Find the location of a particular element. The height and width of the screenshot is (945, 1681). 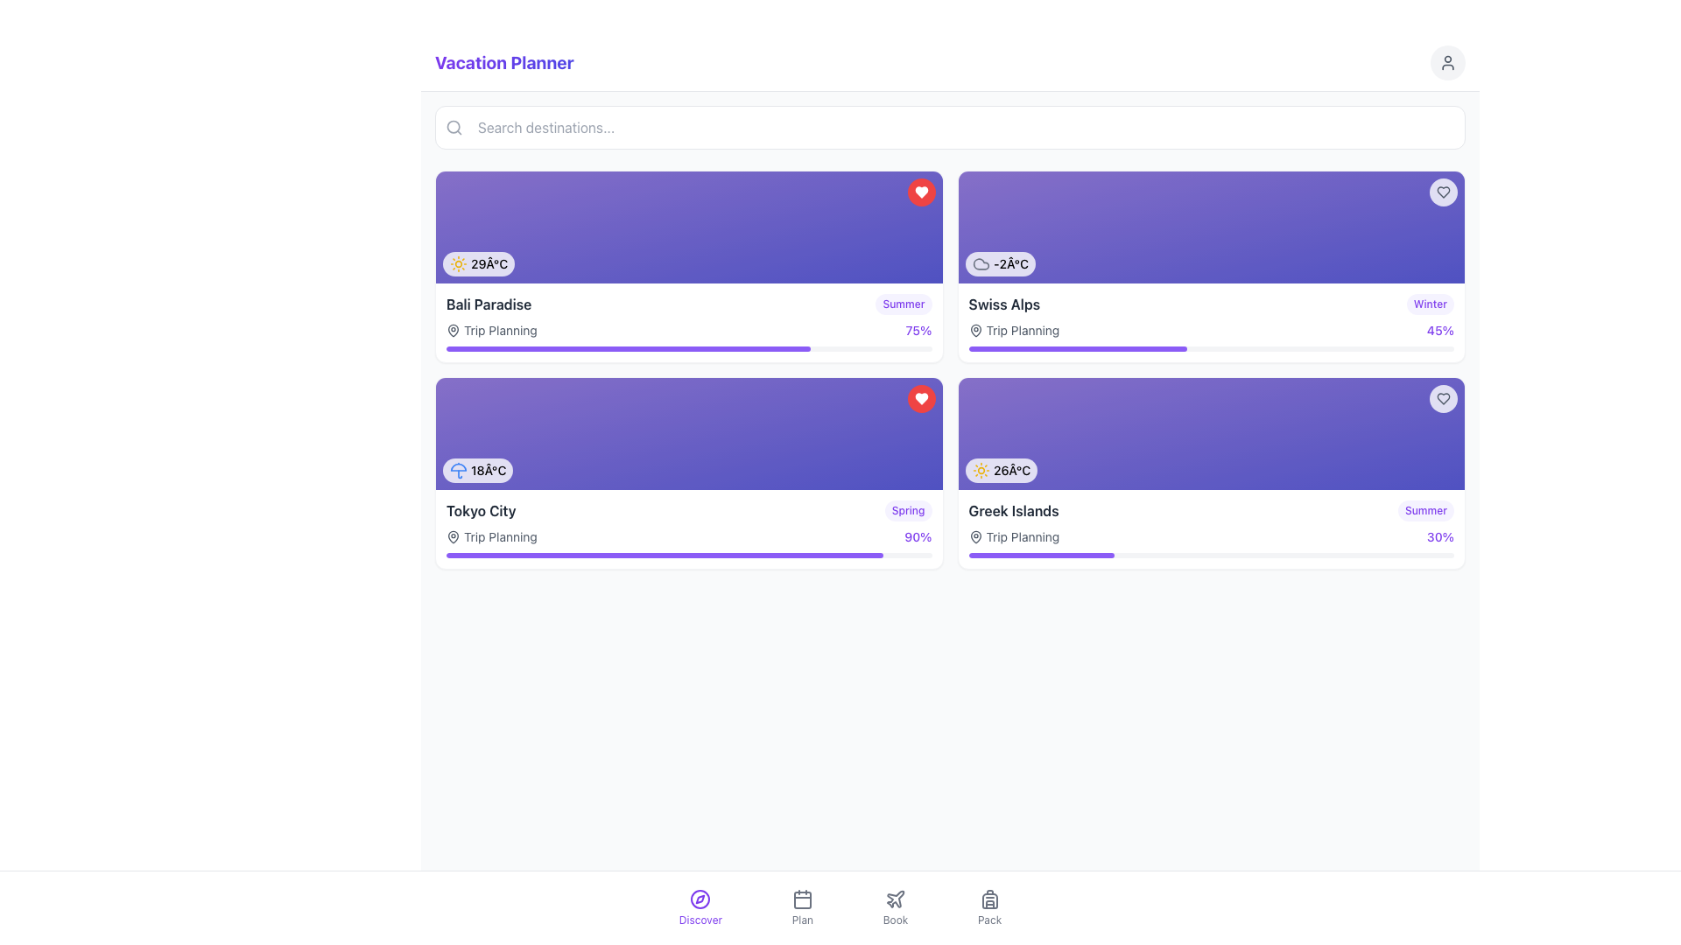

visually represented value of the progress bar located at the bottom of the 'Swiss Alps' card, which shows a 45% filled purple segment is located at coordinates (1210, 348).